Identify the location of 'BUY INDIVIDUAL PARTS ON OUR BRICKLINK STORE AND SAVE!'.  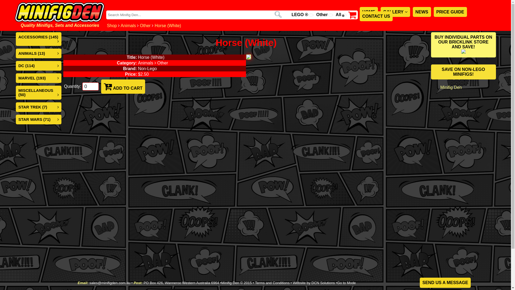
(463, 44).